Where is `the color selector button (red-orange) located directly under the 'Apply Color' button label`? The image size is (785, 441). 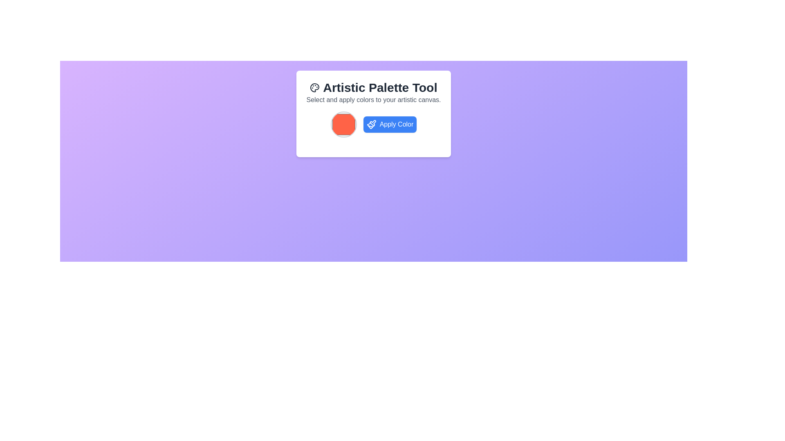
the color selector button (red-orange) located directly under the 'Apply Color' button label is located at coordinates (343, 124).